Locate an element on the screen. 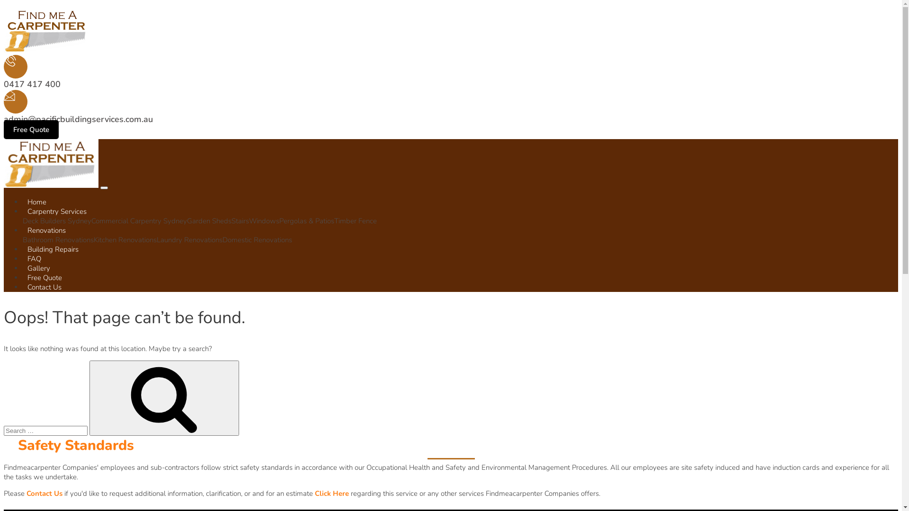 Image resolution: width=909 pixels, height=511 pixels. 'Stairs' is located at coordinates (240, 220).